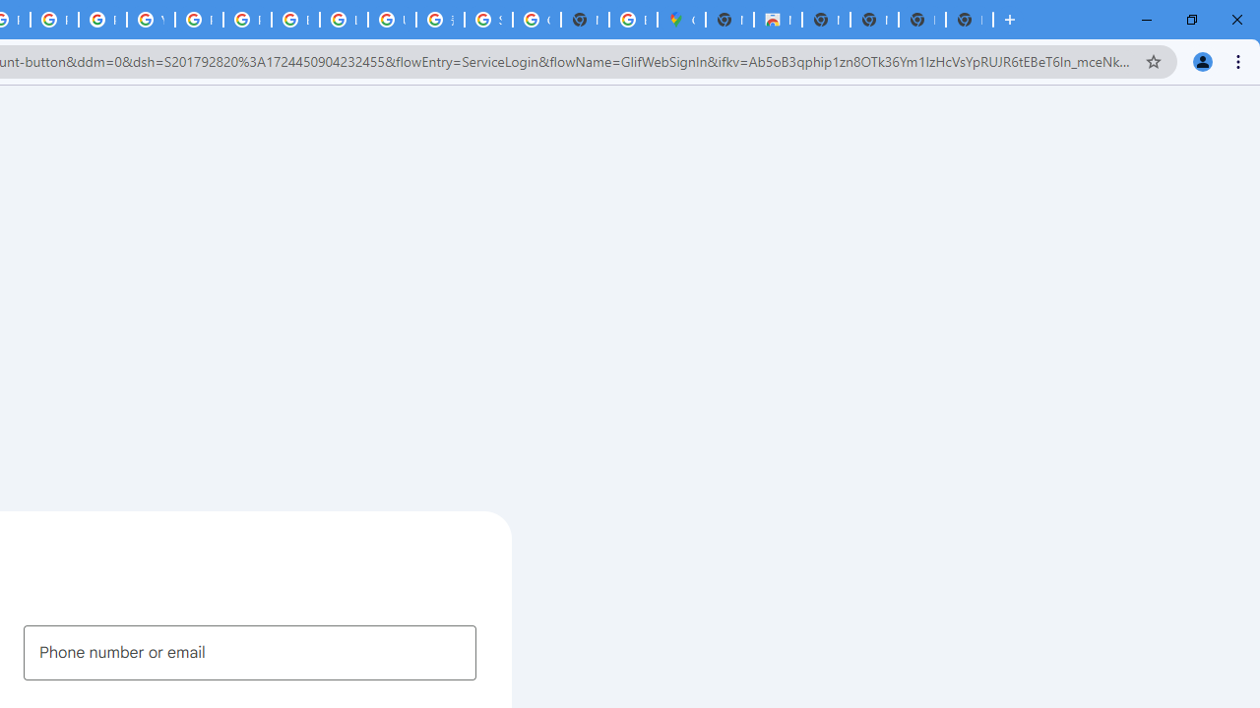  Describe the element at coordinates (969, 20) in the screenshot. I see `'New Tab'` at that location.